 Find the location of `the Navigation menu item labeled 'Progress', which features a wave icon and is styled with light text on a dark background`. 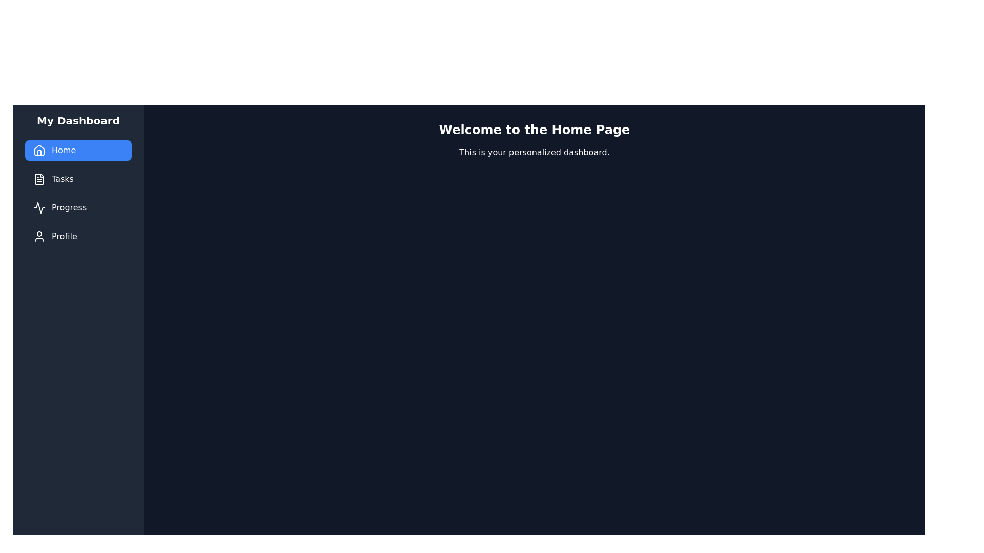

the Navigation menu item labeled 'Progress', which features a wave icon and is styled with light text on a dark background is located at coordinates (78, 207).